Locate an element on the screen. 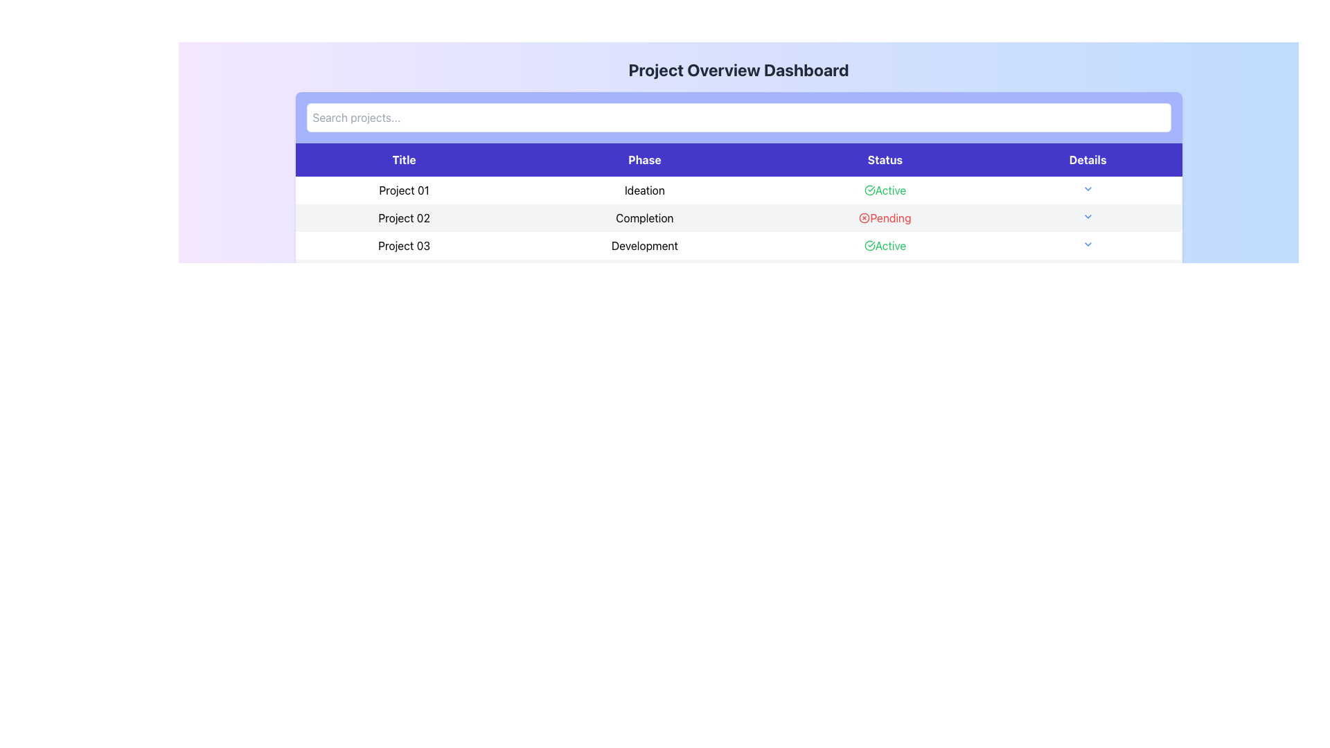  the blue downward-pointing chevron icon located in the 'Details' column for 'Project 02' is located at coordinates (1087, 216).